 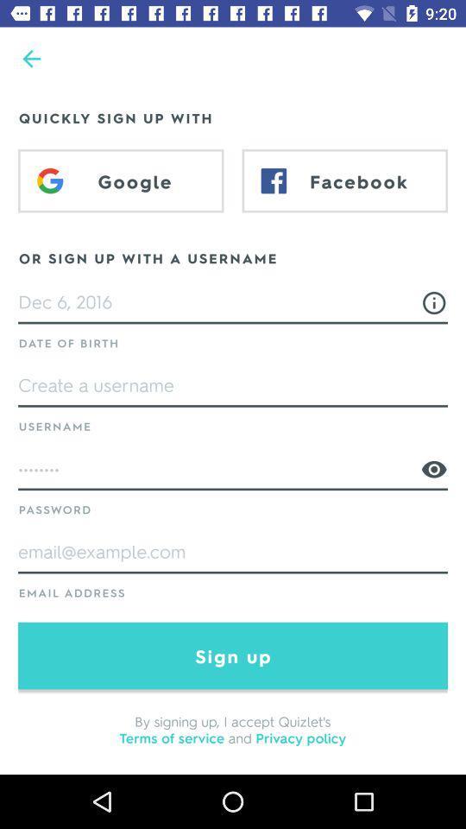 What do you see at coordinates (344, 180) in the screenshot?
I see `facebook at the top right corner` at bounding box center [344, 180].